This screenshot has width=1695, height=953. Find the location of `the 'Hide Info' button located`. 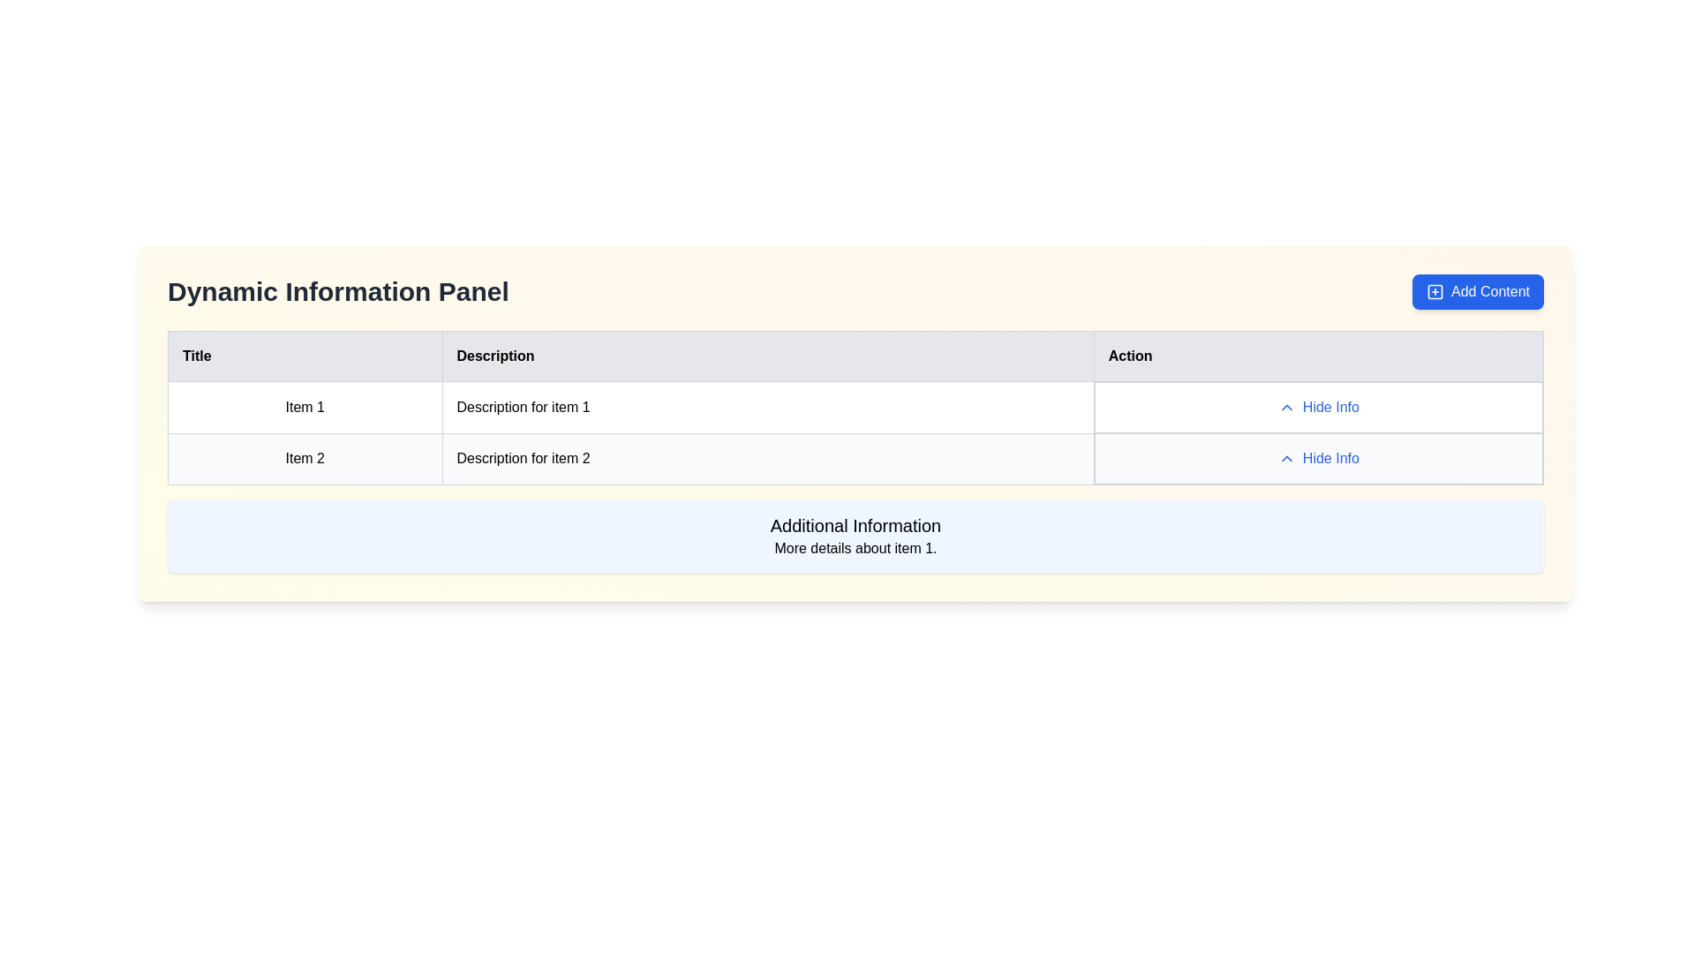

the 'Hide Info' button located is located at coordinates (1318, 408).